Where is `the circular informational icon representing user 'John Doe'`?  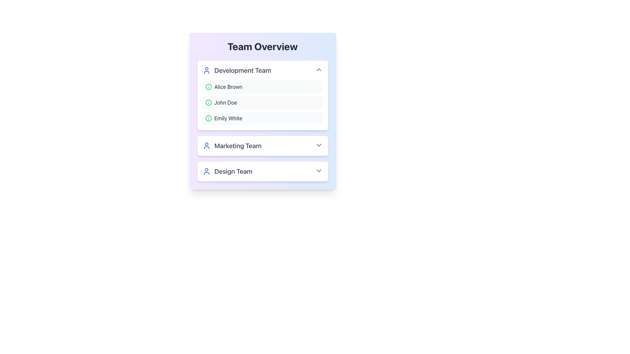
the circular informational icon representing user 'John Doe' is located at coordinates (208, 102).